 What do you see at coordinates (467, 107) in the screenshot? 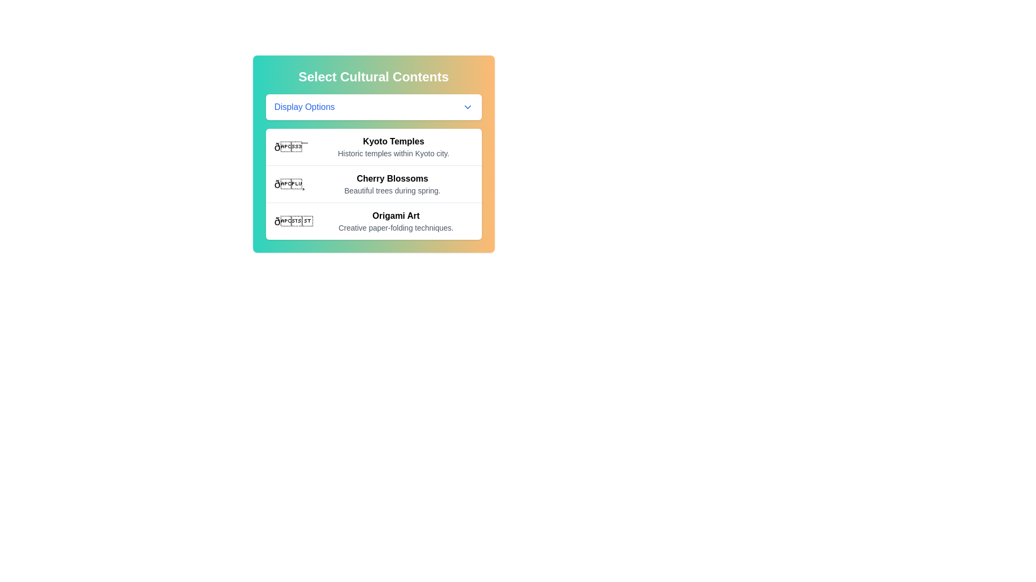
I see `the dropdown indicator icon located at the far right end of the 'Display Options' button` at bounding box center [467, 107].